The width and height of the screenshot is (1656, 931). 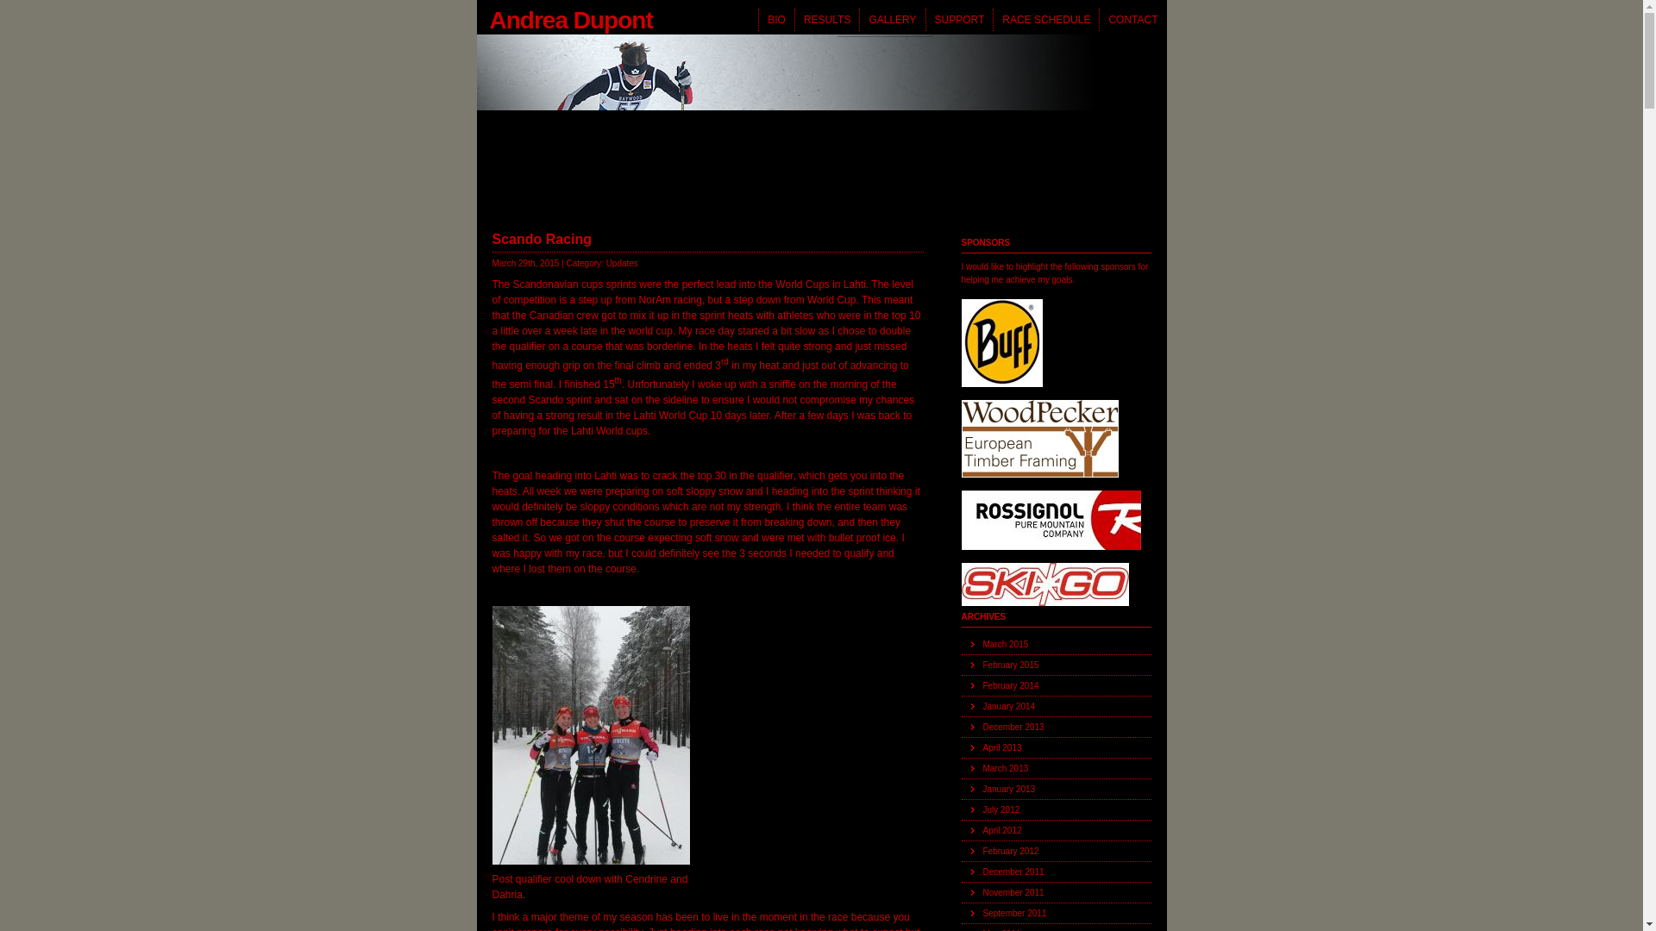 I want to click on 'April 2013', so click(x=1055, y=747).